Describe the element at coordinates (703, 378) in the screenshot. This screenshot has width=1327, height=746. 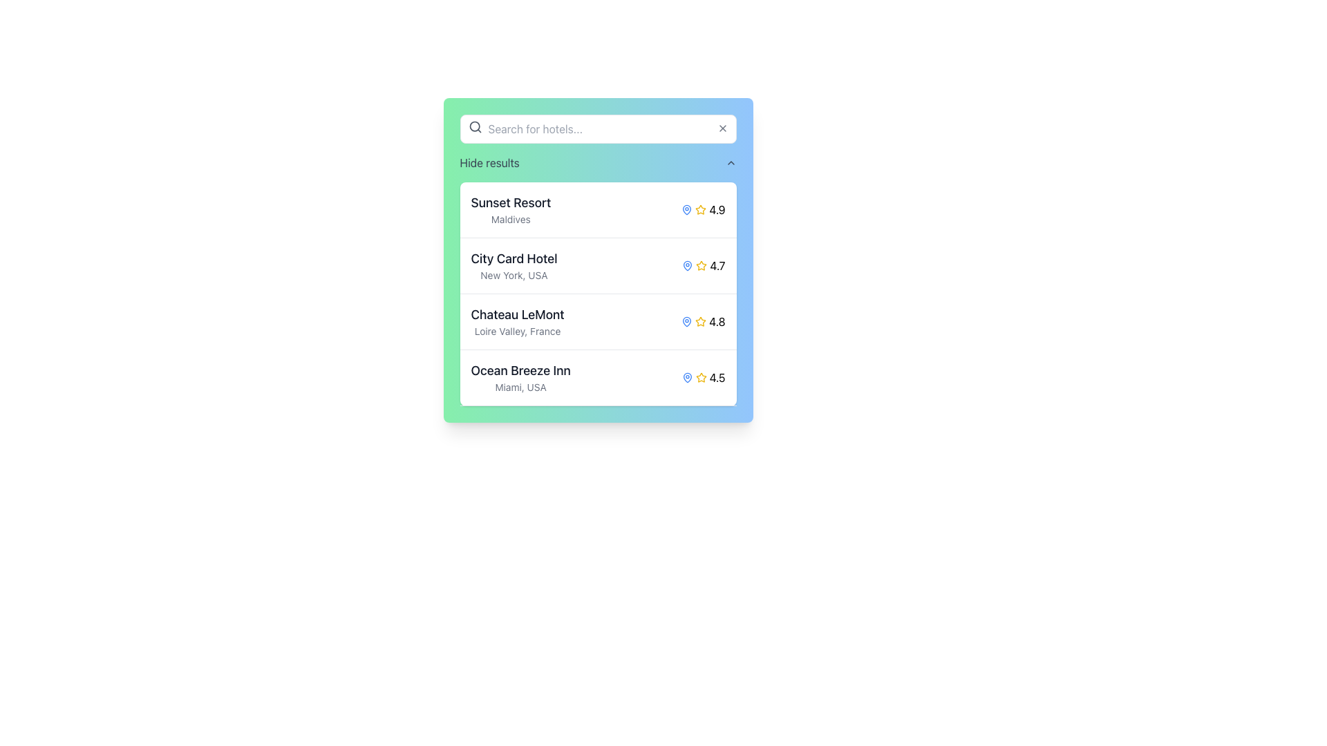
I see `the text display component representing the rating of 'Ocean Breeze Inn', located in the bottom right corner of the hotel details card` at that location.